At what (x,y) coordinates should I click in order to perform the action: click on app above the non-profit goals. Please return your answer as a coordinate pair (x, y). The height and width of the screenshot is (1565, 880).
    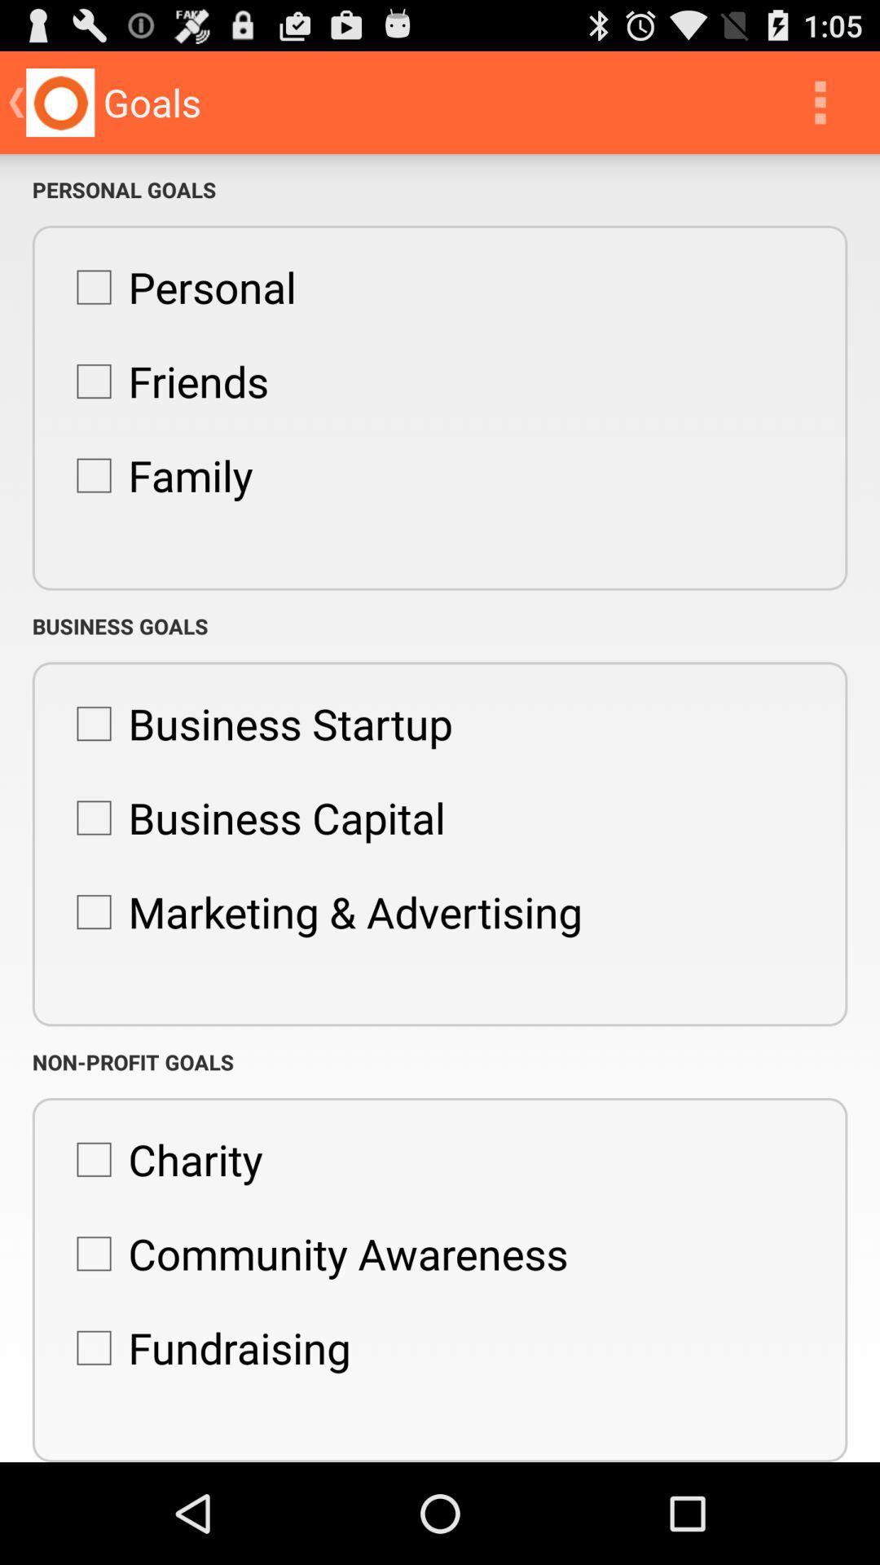
    Looking at the image, I should click on (321, 910).